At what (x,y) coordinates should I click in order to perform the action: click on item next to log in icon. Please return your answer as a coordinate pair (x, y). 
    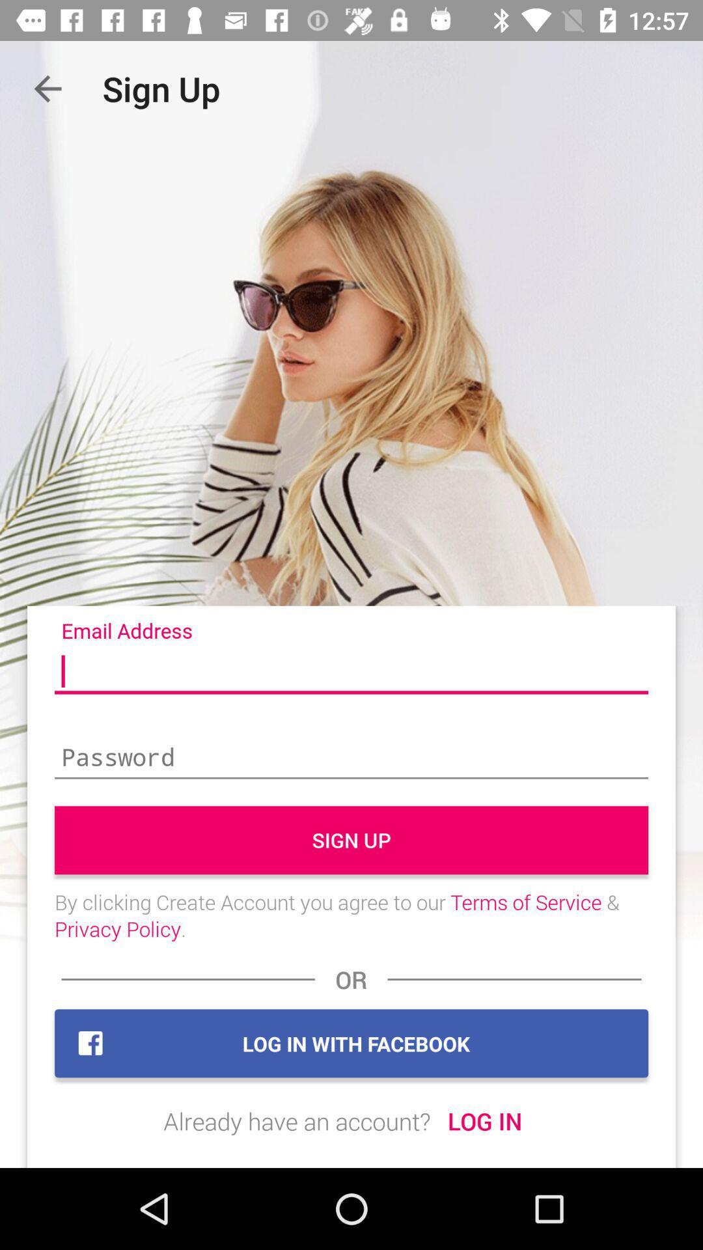
    Looking at the image, I should click on (297, 1120).